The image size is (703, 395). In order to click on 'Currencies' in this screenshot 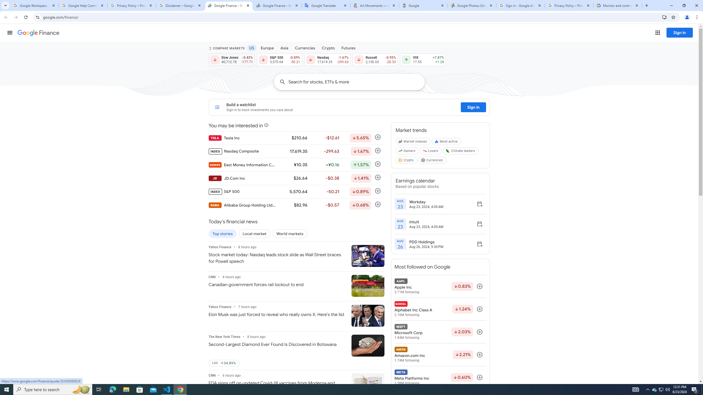, I will do `click(305, 47)`.